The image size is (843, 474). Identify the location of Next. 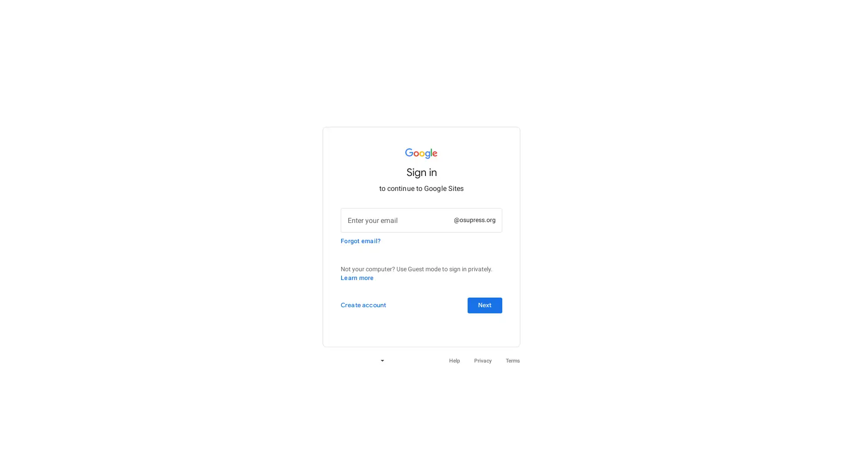
(484, 304).